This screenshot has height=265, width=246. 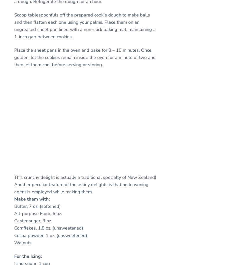 What do you see at coordinates (27, 256) in the screenshot?
I see `'For the Icing:'` at bounding box center [27, 256].